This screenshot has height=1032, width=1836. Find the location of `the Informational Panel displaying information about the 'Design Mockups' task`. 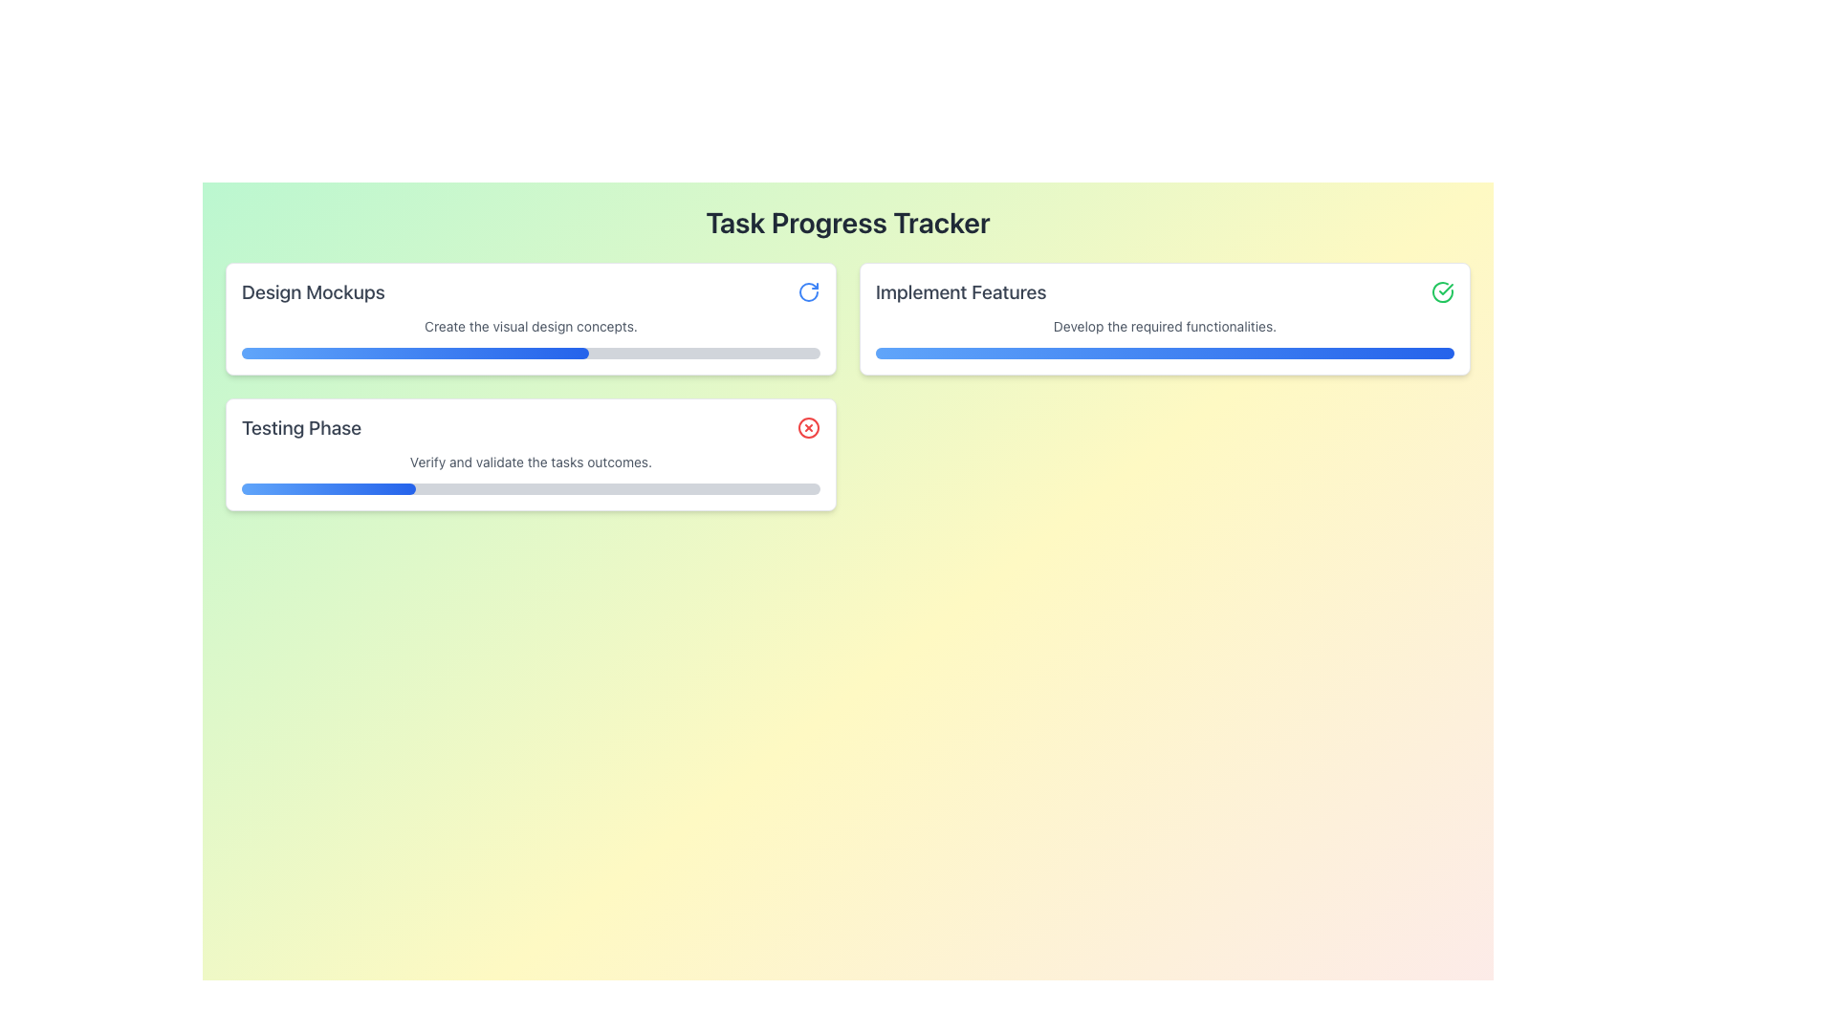

the Informational Panel displaying information about the 'Design Mockups' task is located at coordinates (531, 318).